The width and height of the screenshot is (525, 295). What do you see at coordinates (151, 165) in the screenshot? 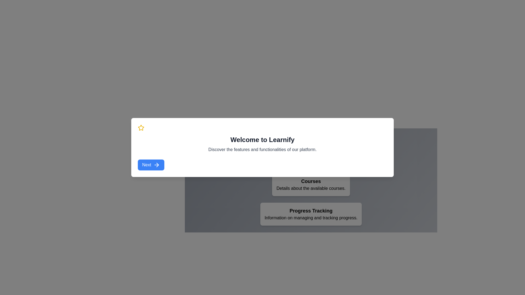
I see `the blue rectangular 'Next' button with rounded corners located at the bottom-left corner of the modal box` at bounding box center [151, 165].